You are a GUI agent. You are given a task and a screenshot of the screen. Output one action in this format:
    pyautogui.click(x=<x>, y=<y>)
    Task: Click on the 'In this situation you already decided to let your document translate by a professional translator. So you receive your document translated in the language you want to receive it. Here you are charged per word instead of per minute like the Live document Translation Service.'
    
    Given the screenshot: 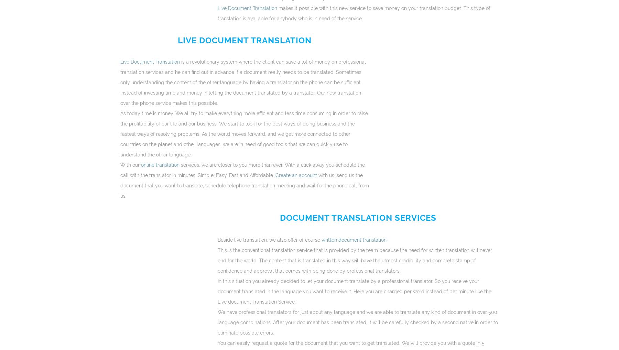 What is the action you would take?
    pyautogui.click(x=354, y=291)
    